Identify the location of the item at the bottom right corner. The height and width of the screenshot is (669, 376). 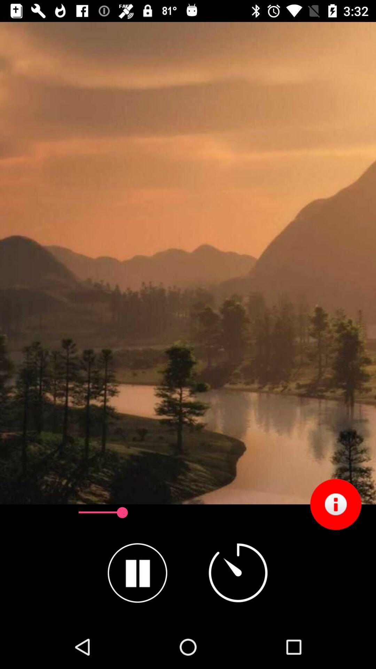
(335, 504).